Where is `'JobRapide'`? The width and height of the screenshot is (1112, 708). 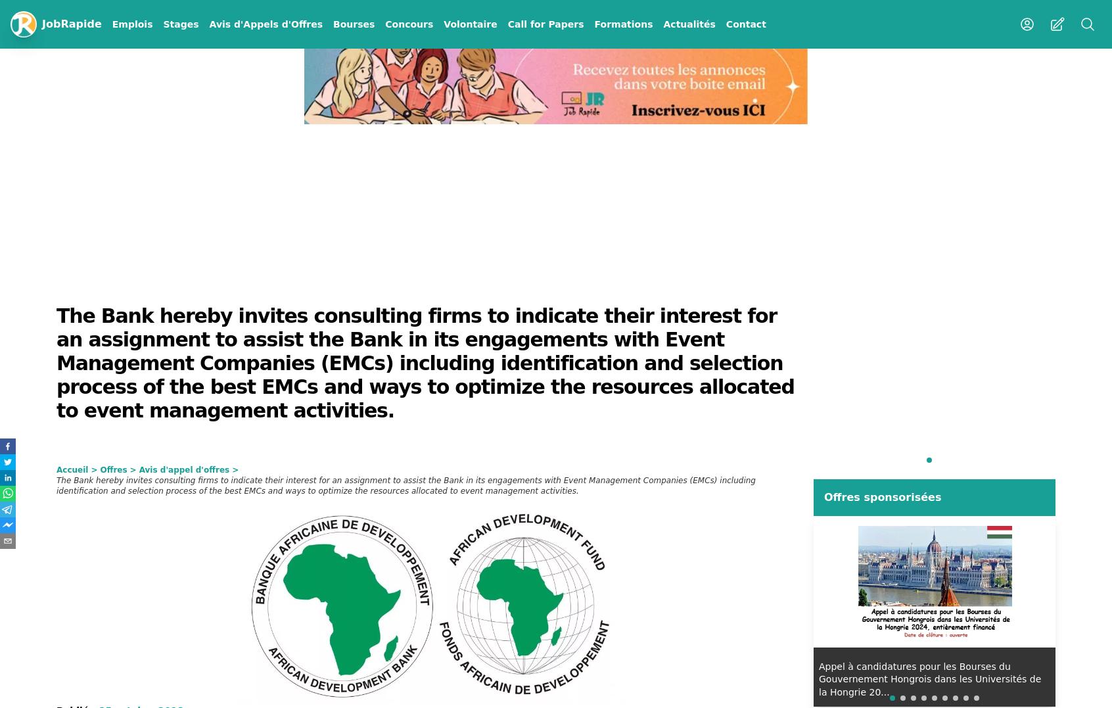
'JobRapide' is located at coordinates (41, 23).